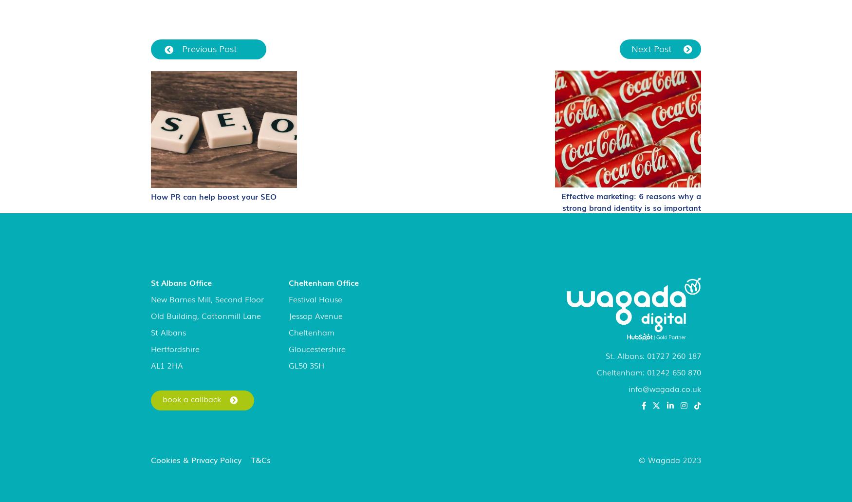 Image resolution: width=852 pixels, height=502 pixels. What do you see at coordinates (316, 349) in the screenshot?
I see `'Gloucestershire'` at bounding box center [316, 349].